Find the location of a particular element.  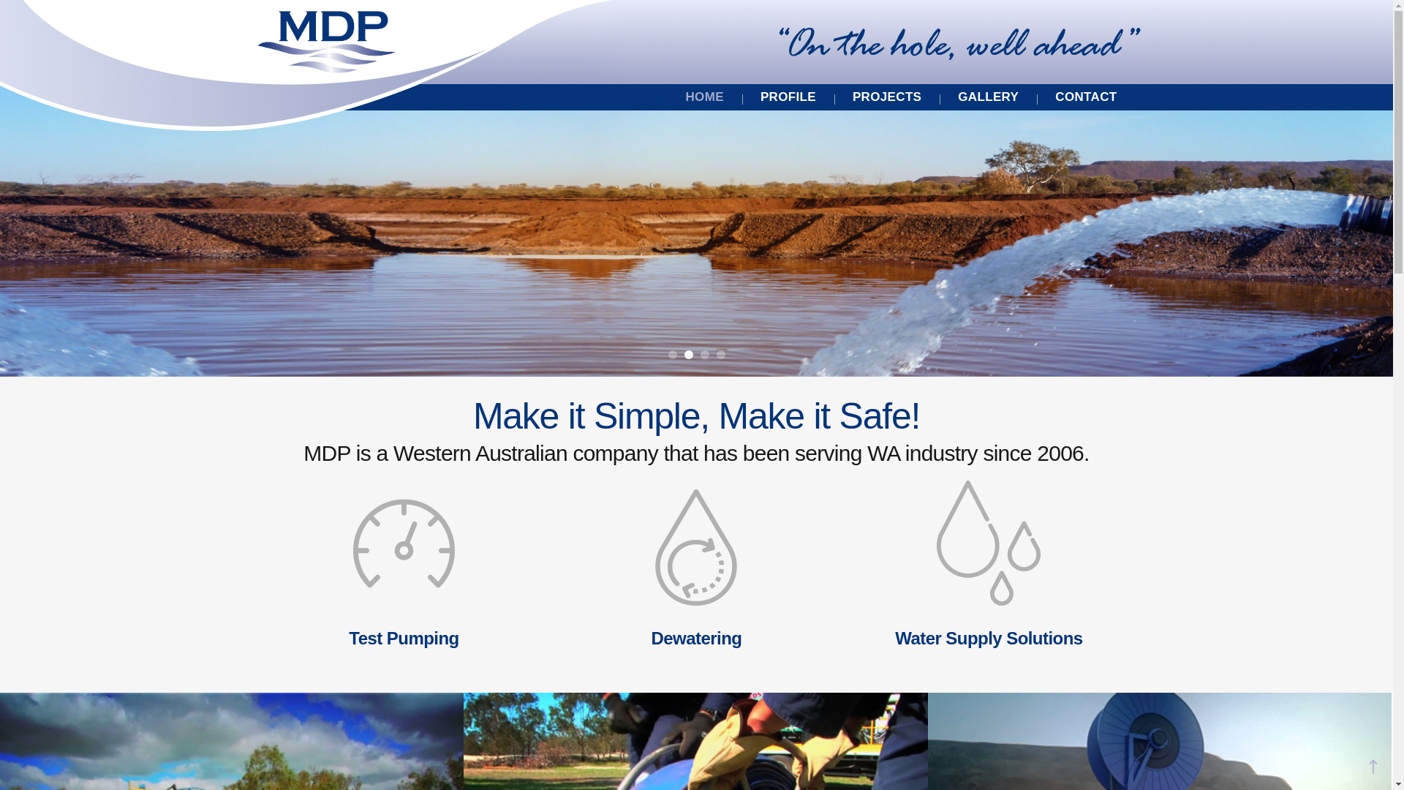

'McArthur Drilling & Pumping' is located at coordinates (325, 41).